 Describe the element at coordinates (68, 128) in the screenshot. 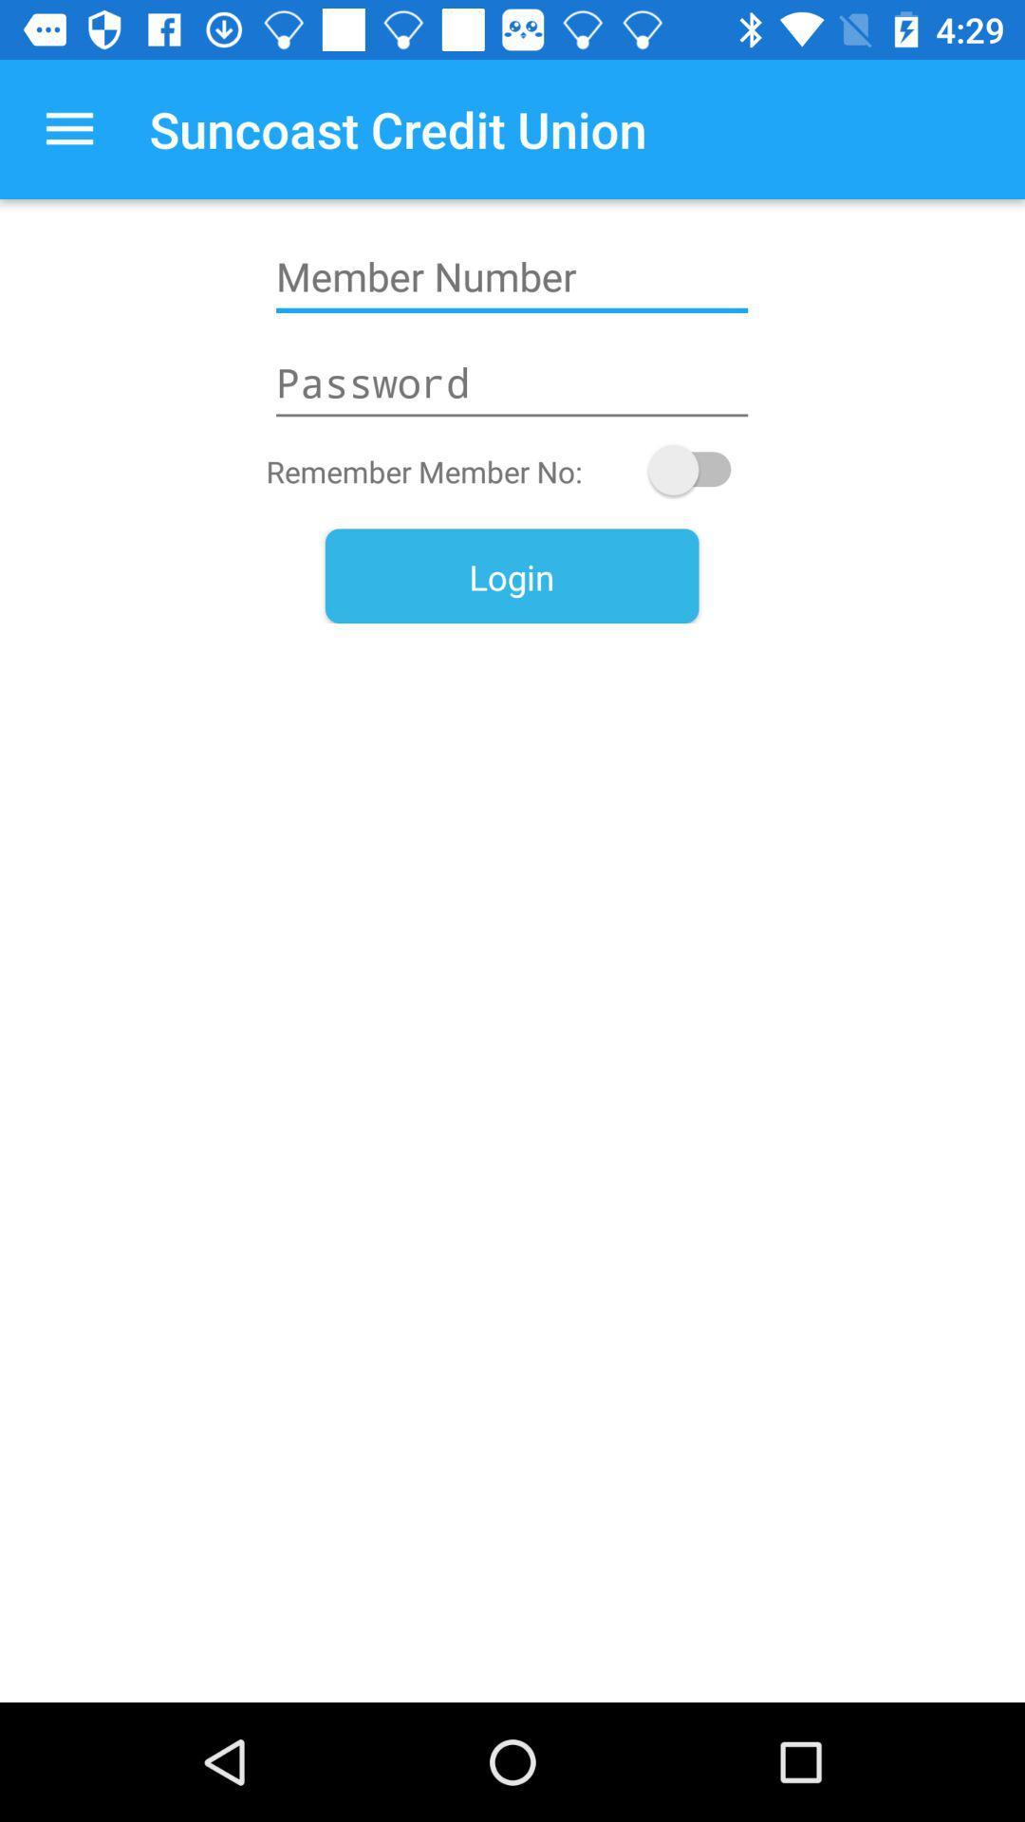

I see `the app next to suncoast credit union icon` at that location.